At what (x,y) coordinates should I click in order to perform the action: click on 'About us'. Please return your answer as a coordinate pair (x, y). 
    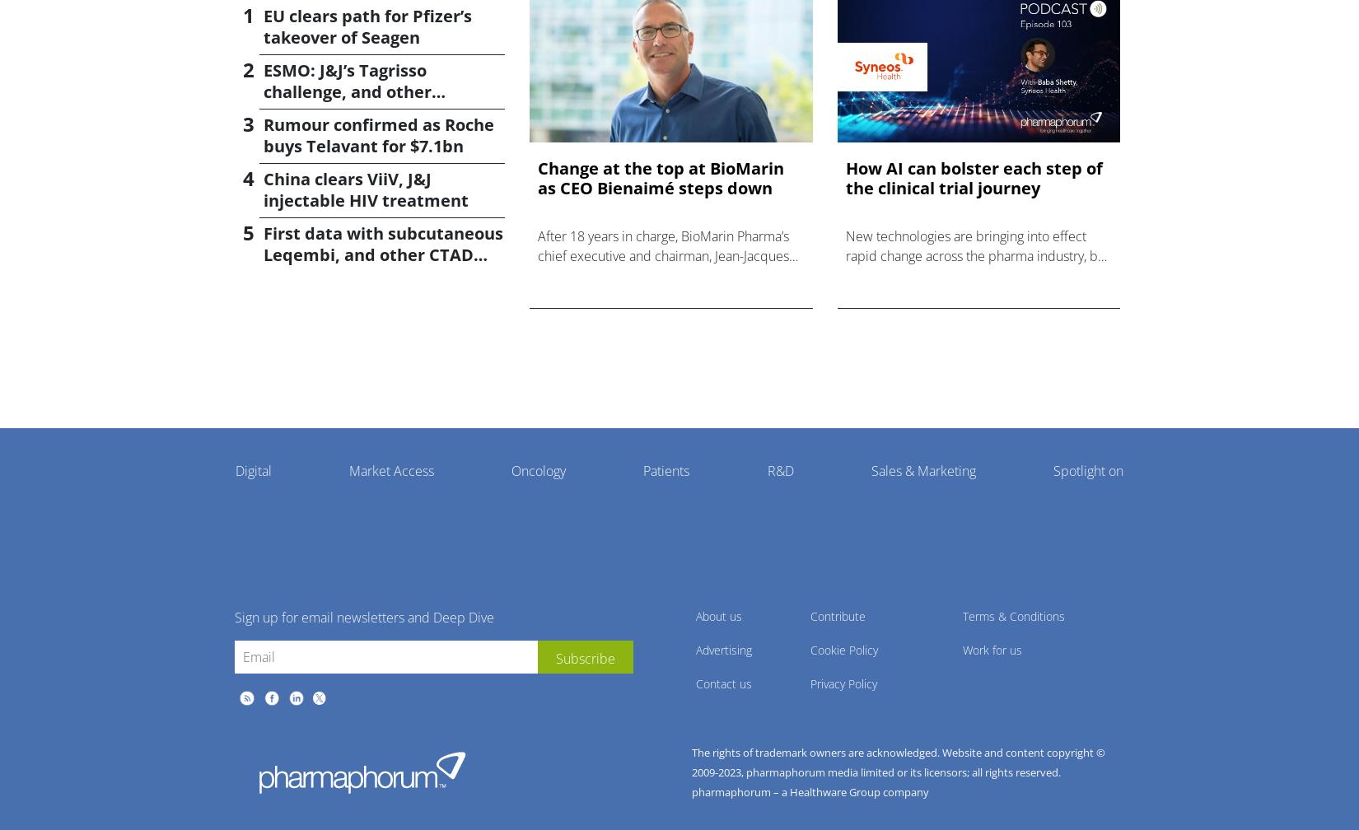
    Looking at the image, I should click on (719, 615).